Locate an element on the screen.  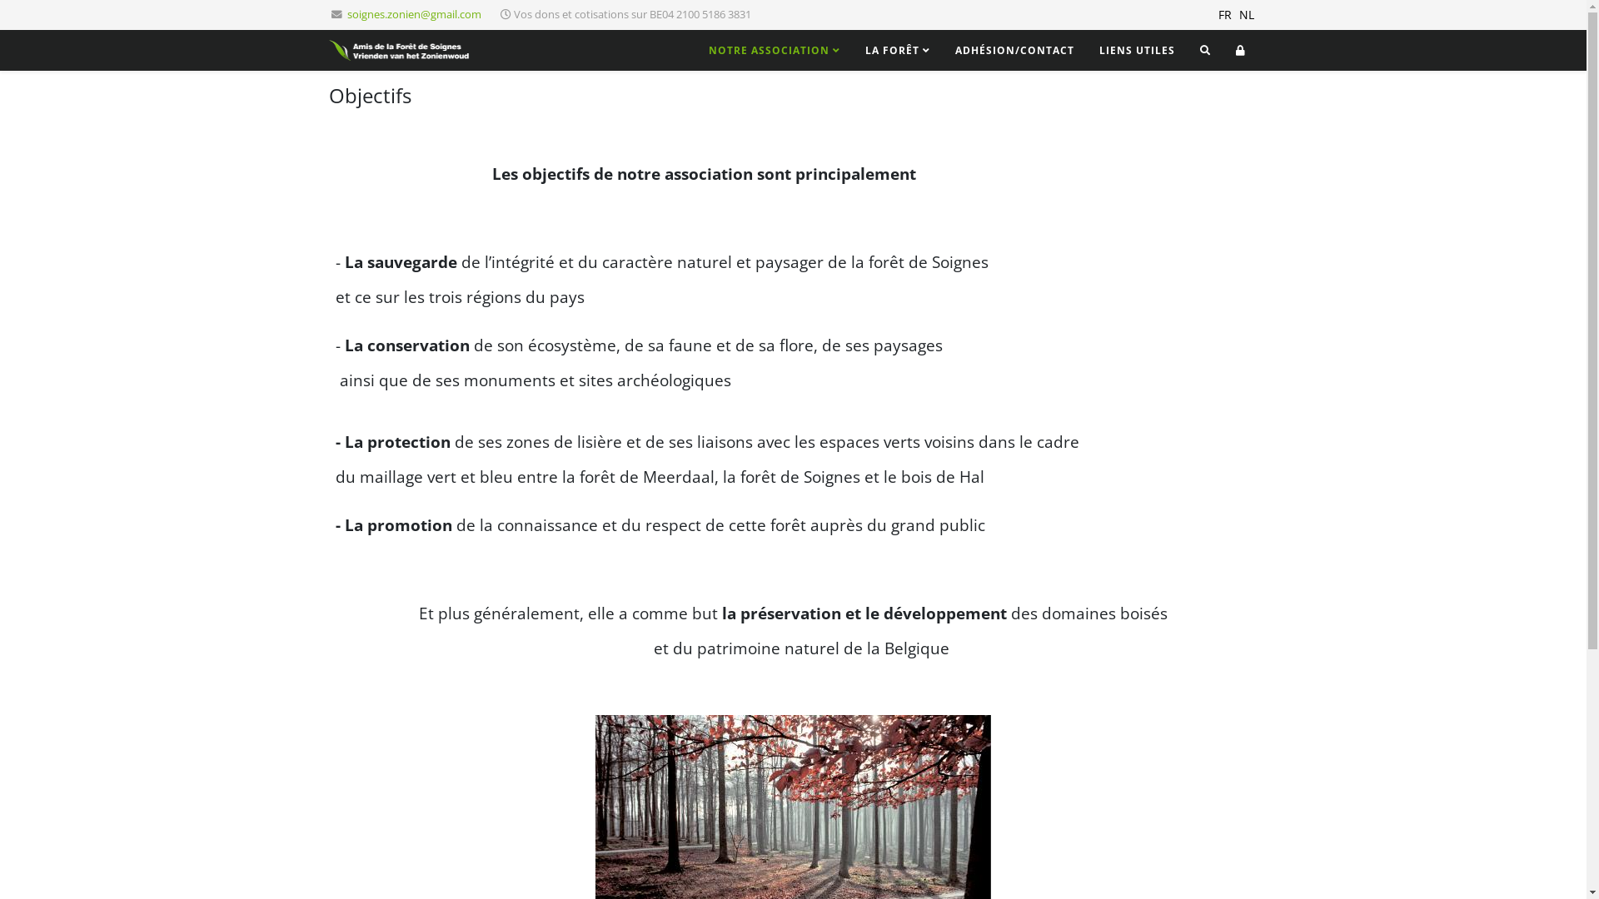
'NL' is located at coordinates (1247, 15).